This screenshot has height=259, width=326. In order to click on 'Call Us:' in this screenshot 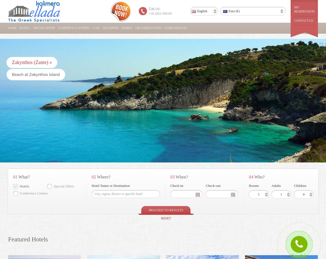, I will do `click(154, 9)`.